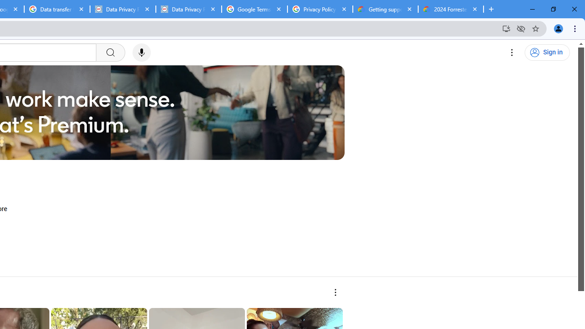  What do you see at coordinates (575, 28) in the screenshot?
I see `'Chrome'` at bounding box center [575, 28].